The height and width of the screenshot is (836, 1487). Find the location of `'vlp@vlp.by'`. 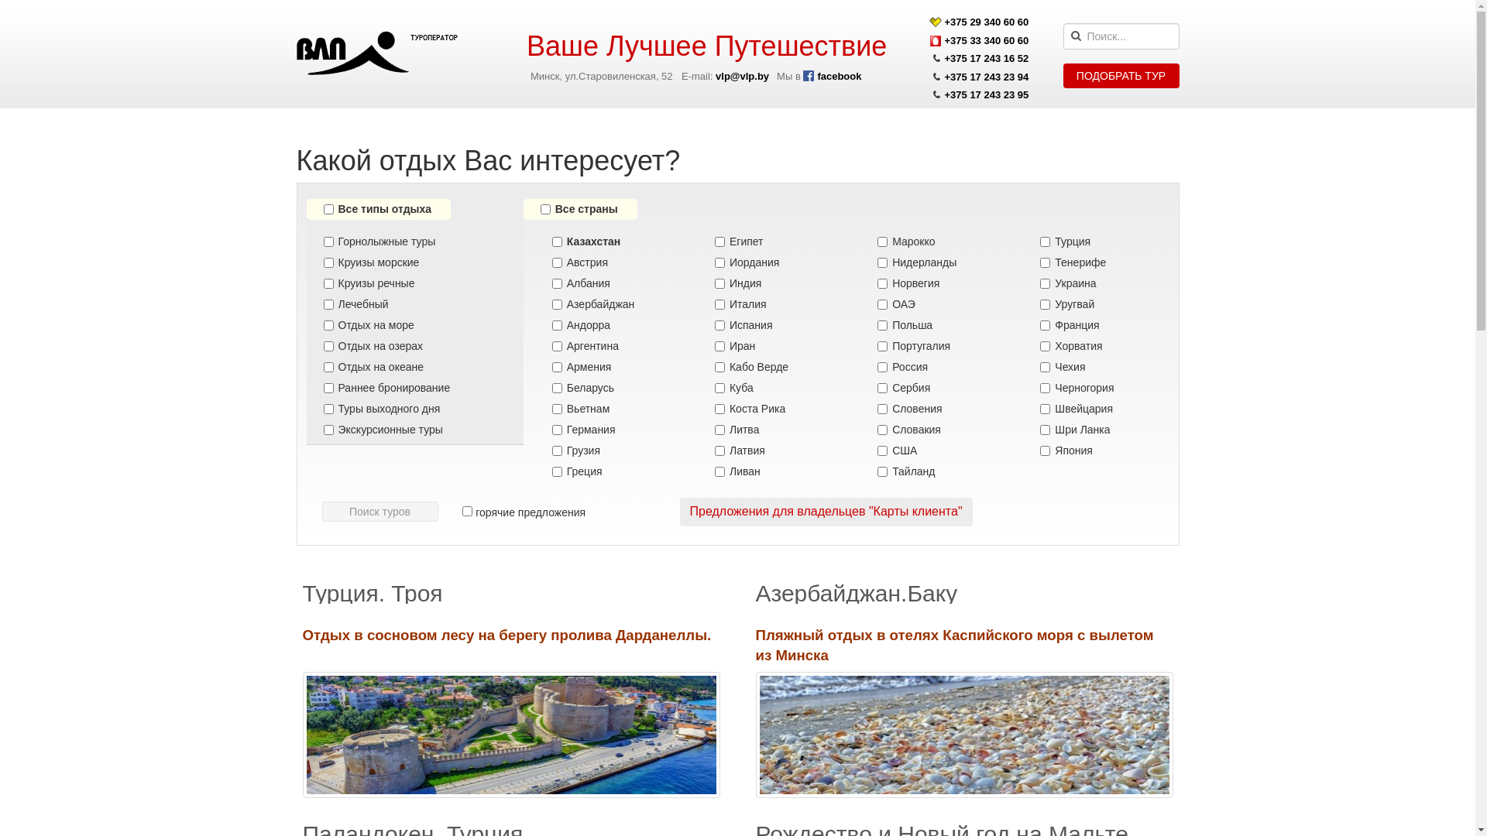

'vlp@vlp.by' is located at coordinates (741, 76).